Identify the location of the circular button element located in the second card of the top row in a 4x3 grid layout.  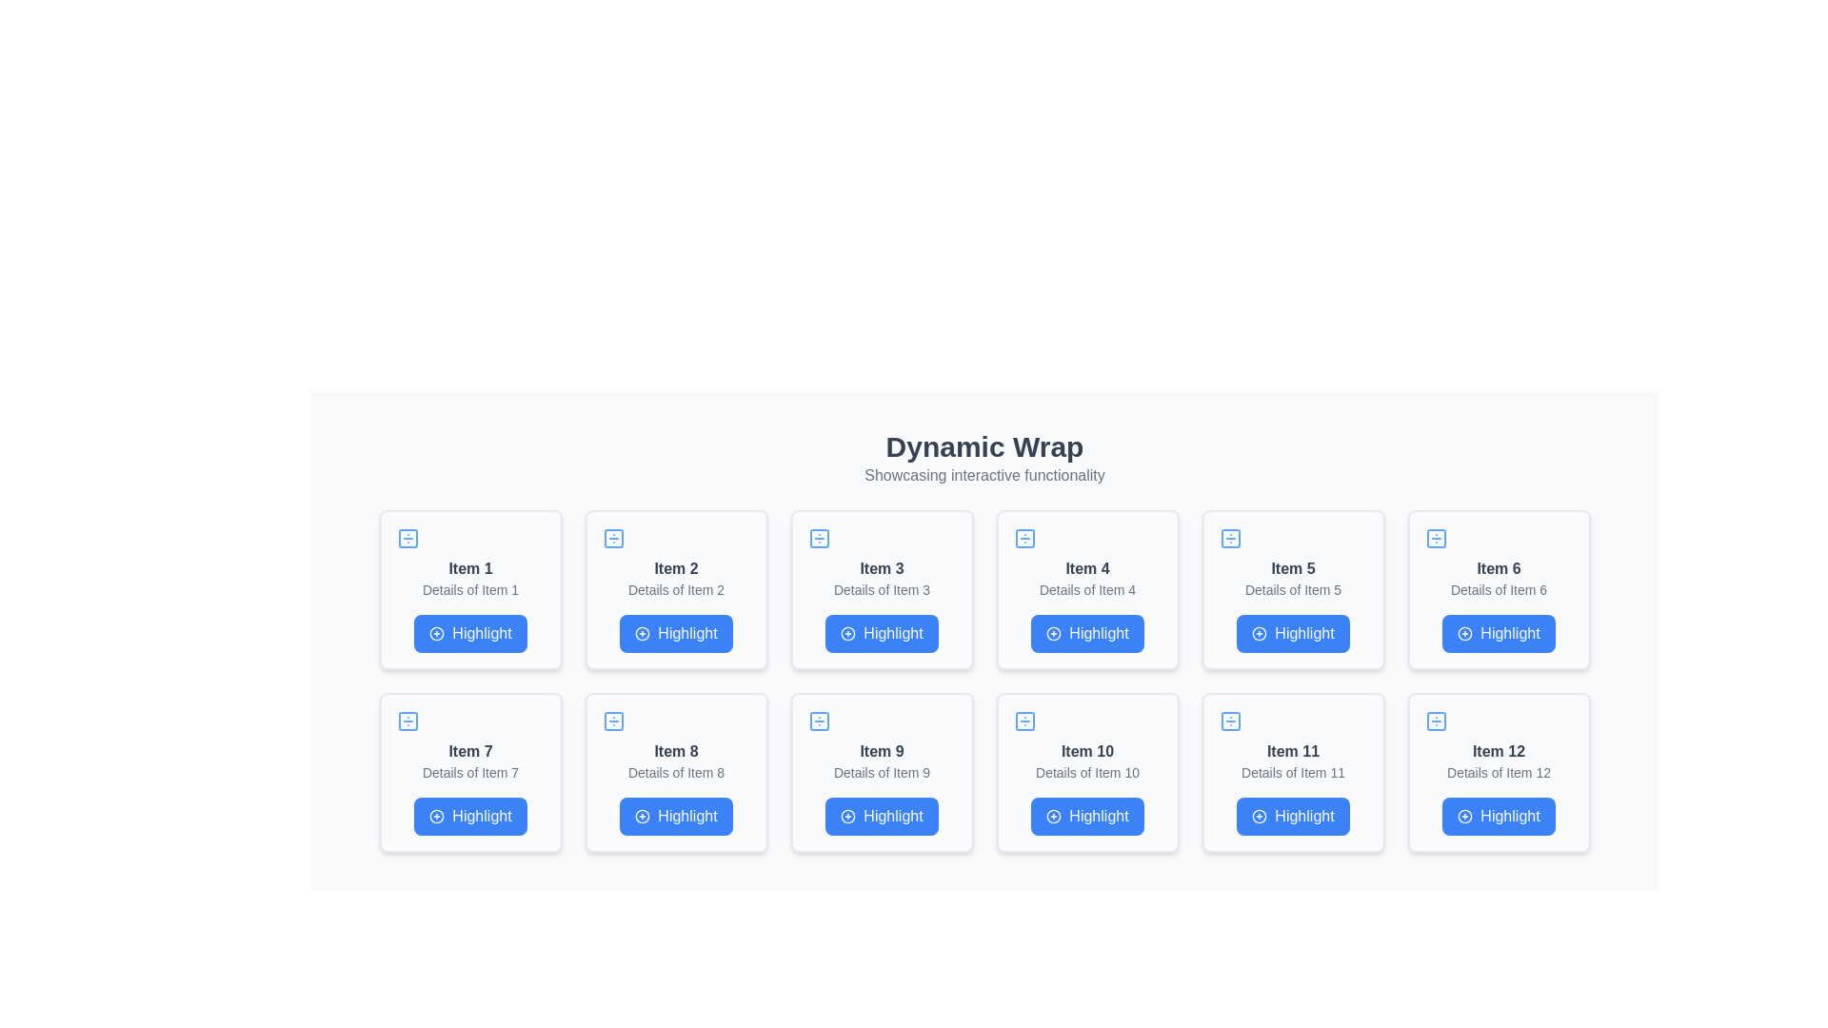
(643, 634).